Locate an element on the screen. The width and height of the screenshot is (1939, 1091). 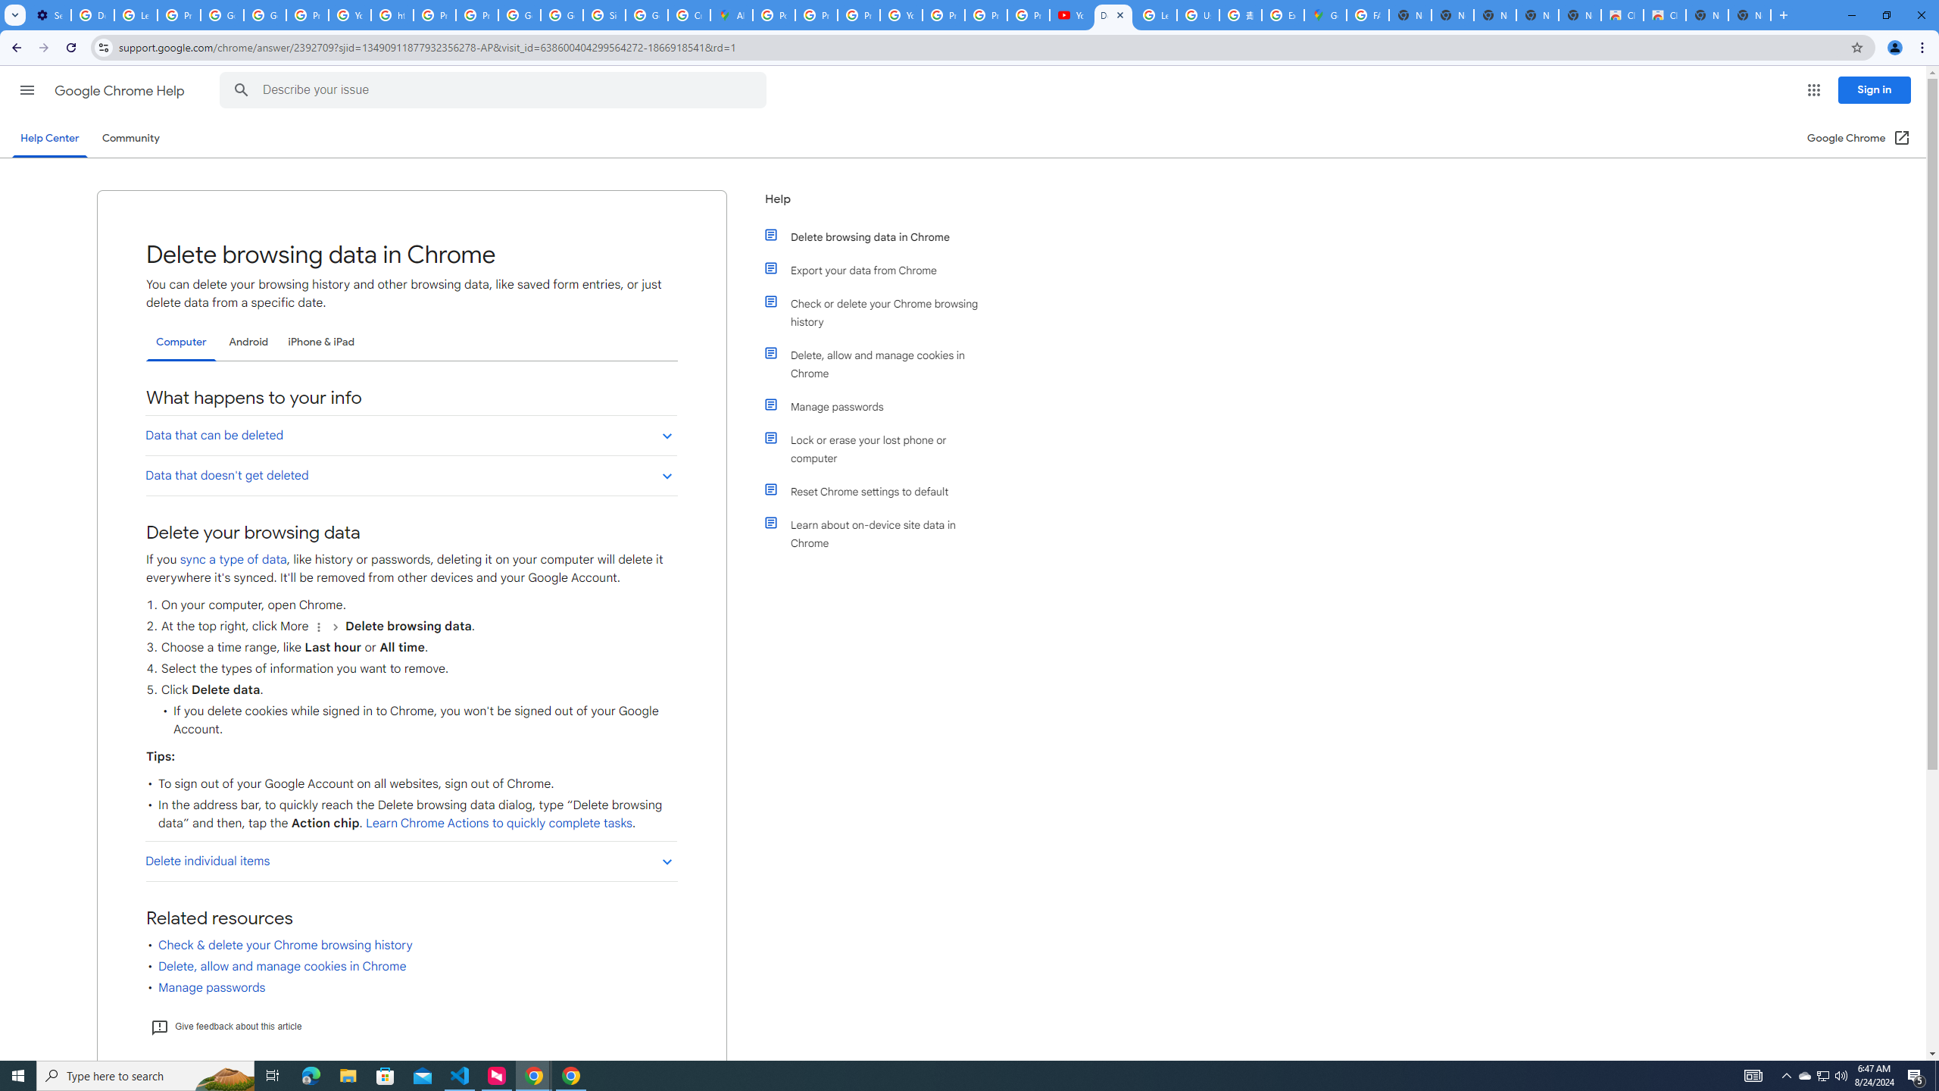
'Android' is located at coordinates (248, 342).